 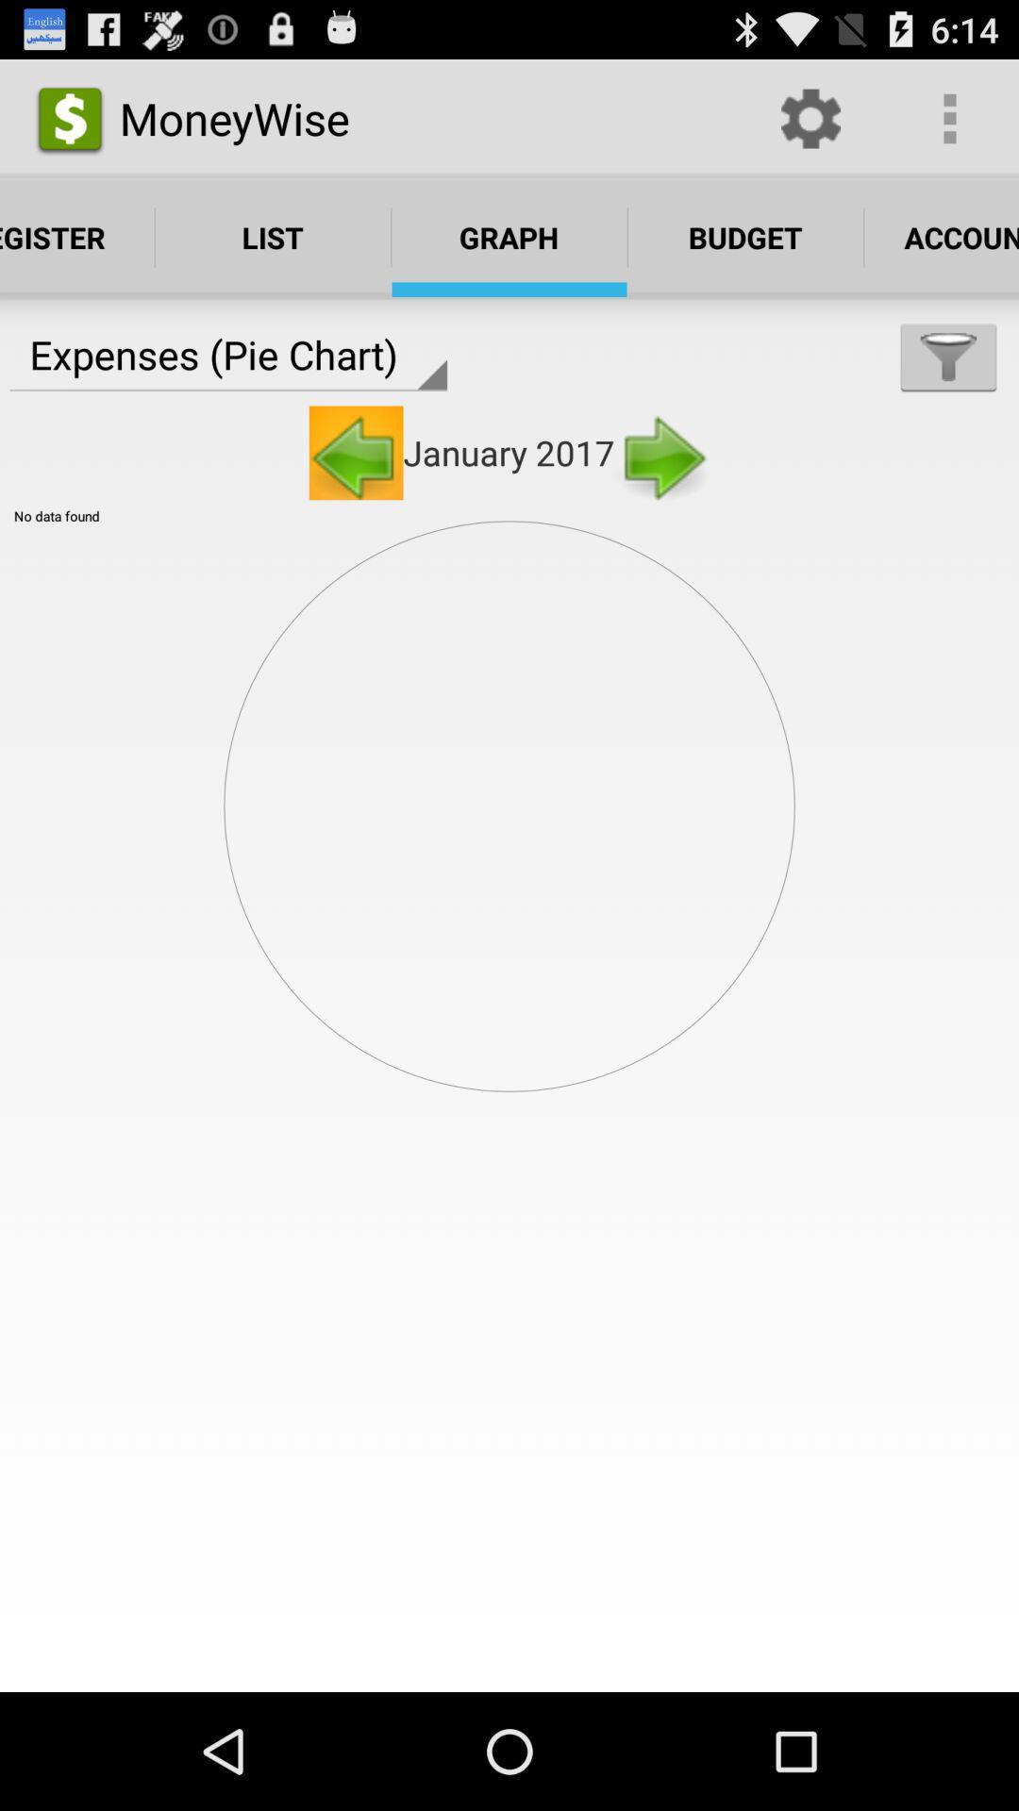 I want to click on filter, so click(x=948, y=357).